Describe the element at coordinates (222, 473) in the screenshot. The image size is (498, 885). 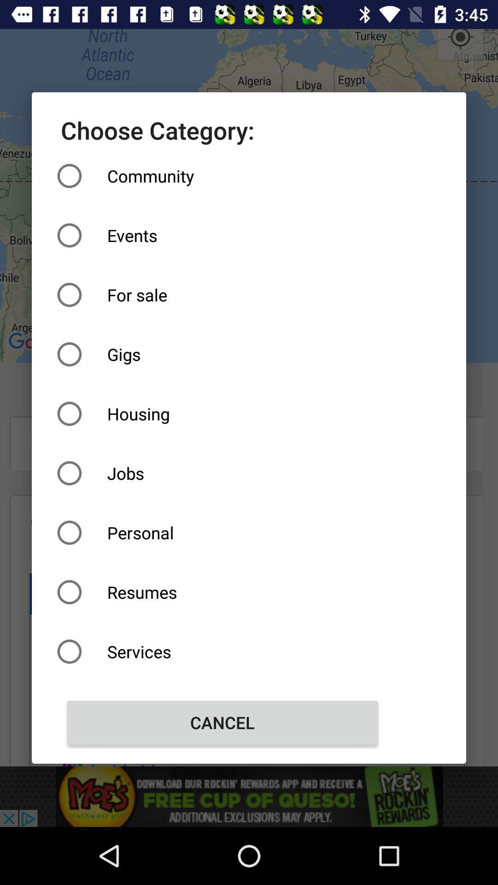
I see `the jobs item` at that location.